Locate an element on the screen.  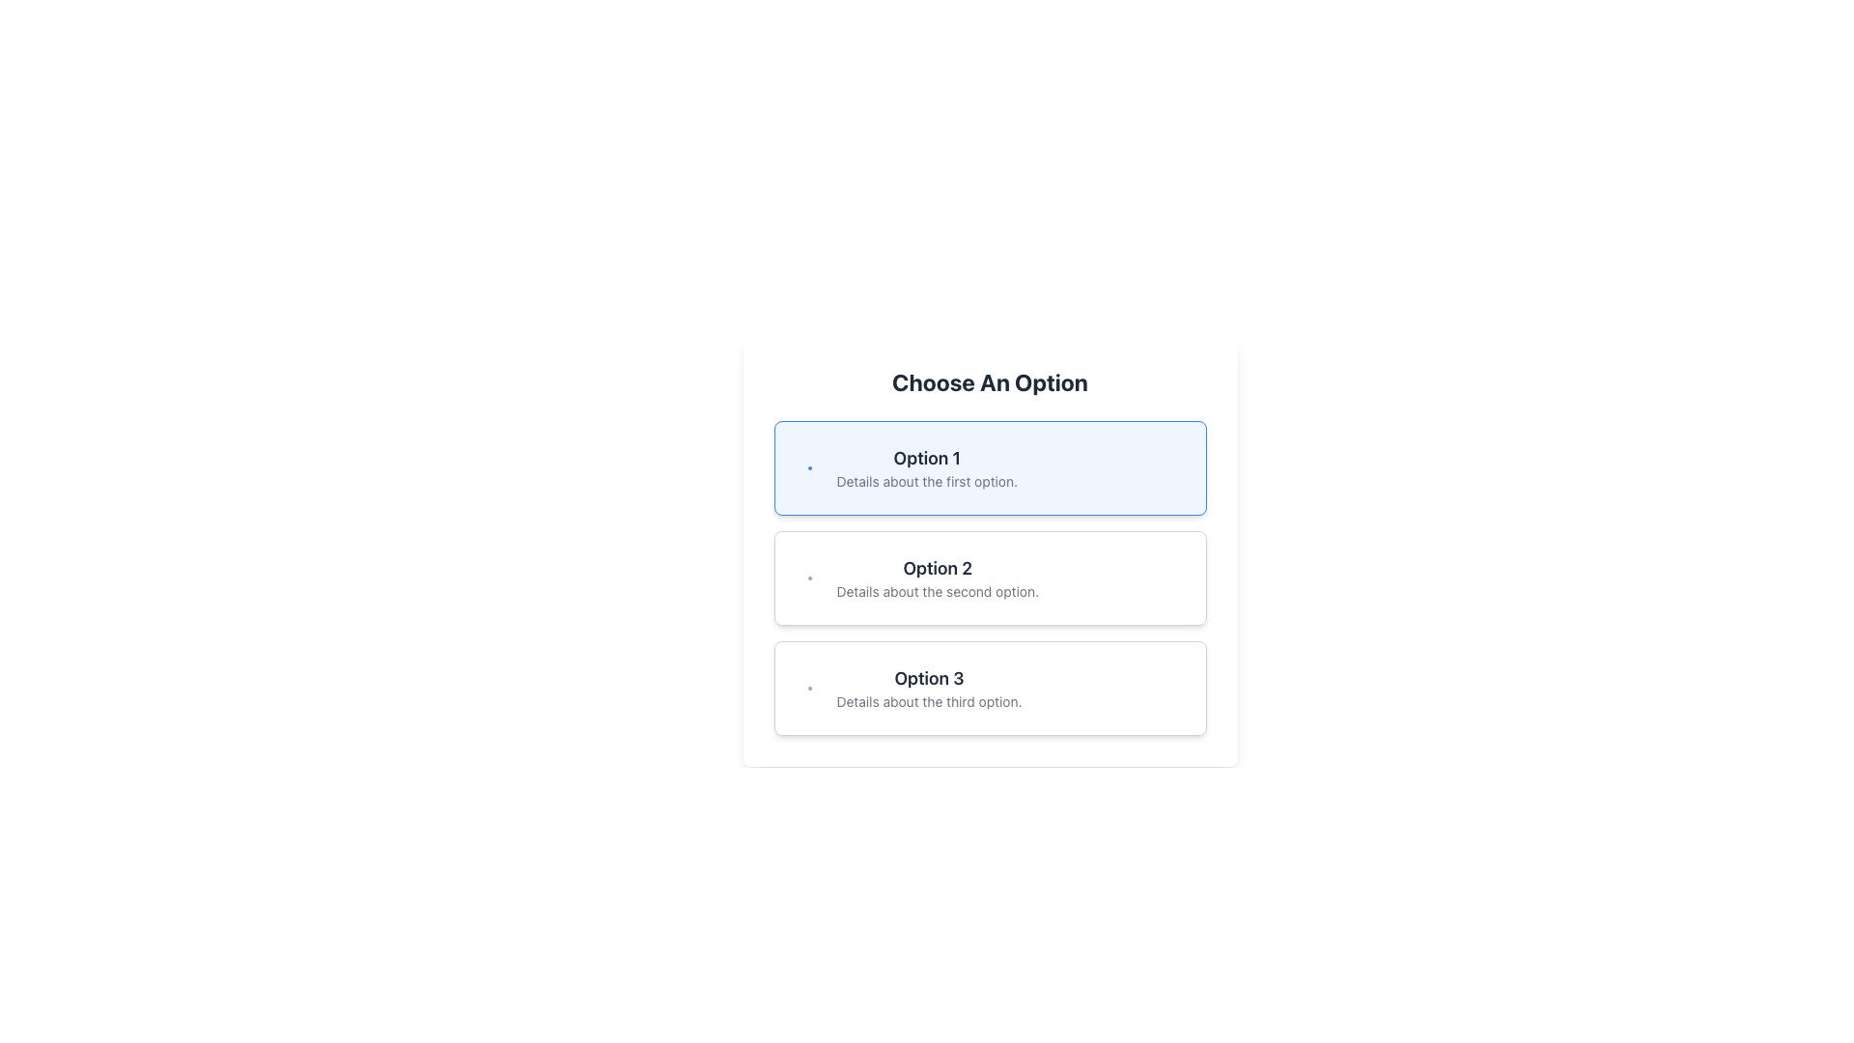
text element labeled 'Option 1', which is bold and large in a serif font, displayed in charcoal gray on a light blue background, and is the first title in a vertically aligned list of selectable options is located at coordinates (927, 458).